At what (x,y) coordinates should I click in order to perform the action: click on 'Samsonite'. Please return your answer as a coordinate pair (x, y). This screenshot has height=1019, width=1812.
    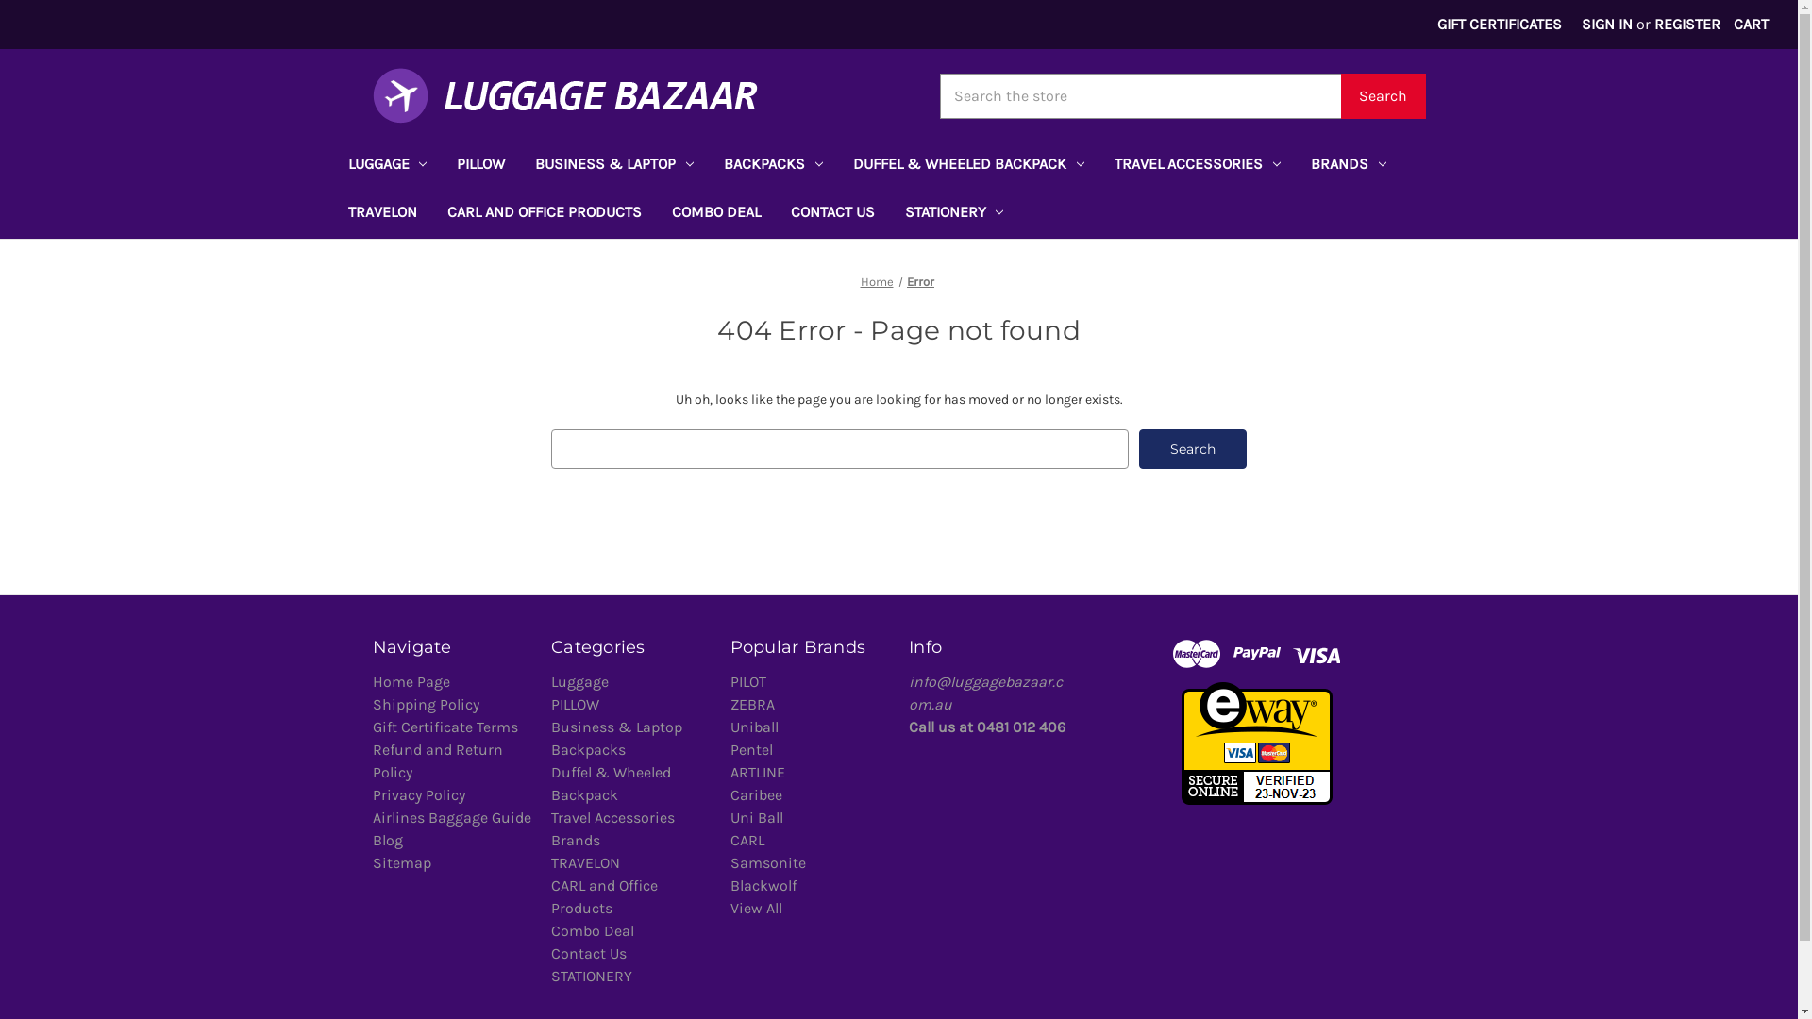
    Looking at the image, I should click on (768, 862).